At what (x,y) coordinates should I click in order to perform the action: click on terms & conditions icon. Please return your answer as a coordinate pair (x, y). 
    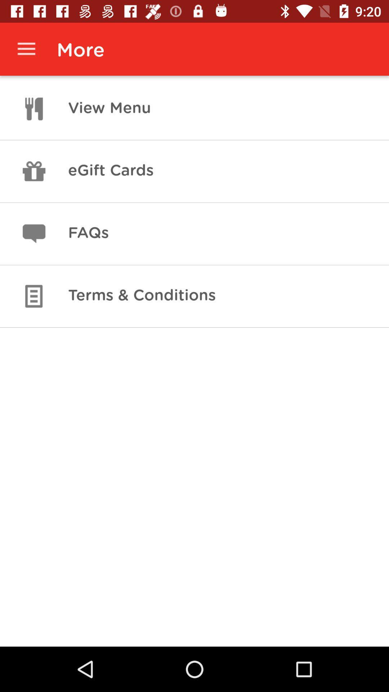
    Looking at the image, I should click on (142, 296).